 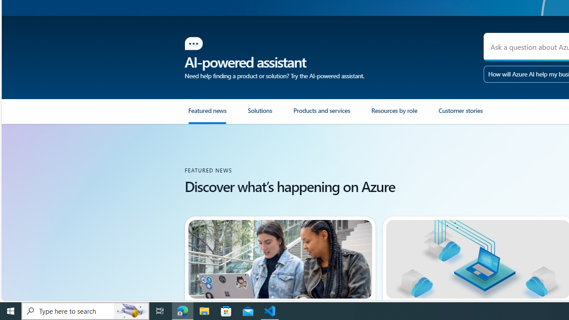 I want to click on 'Products and services', so click(x=332, y=115).